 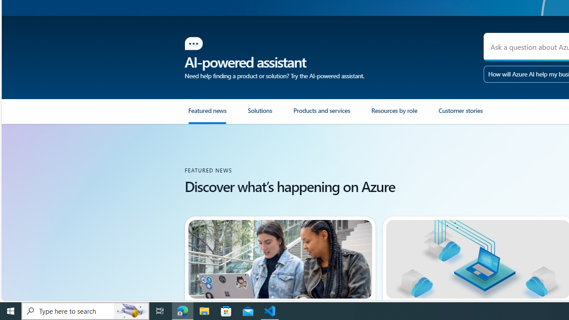 I want to click on 'Products and services', so click(x=332, y=115).